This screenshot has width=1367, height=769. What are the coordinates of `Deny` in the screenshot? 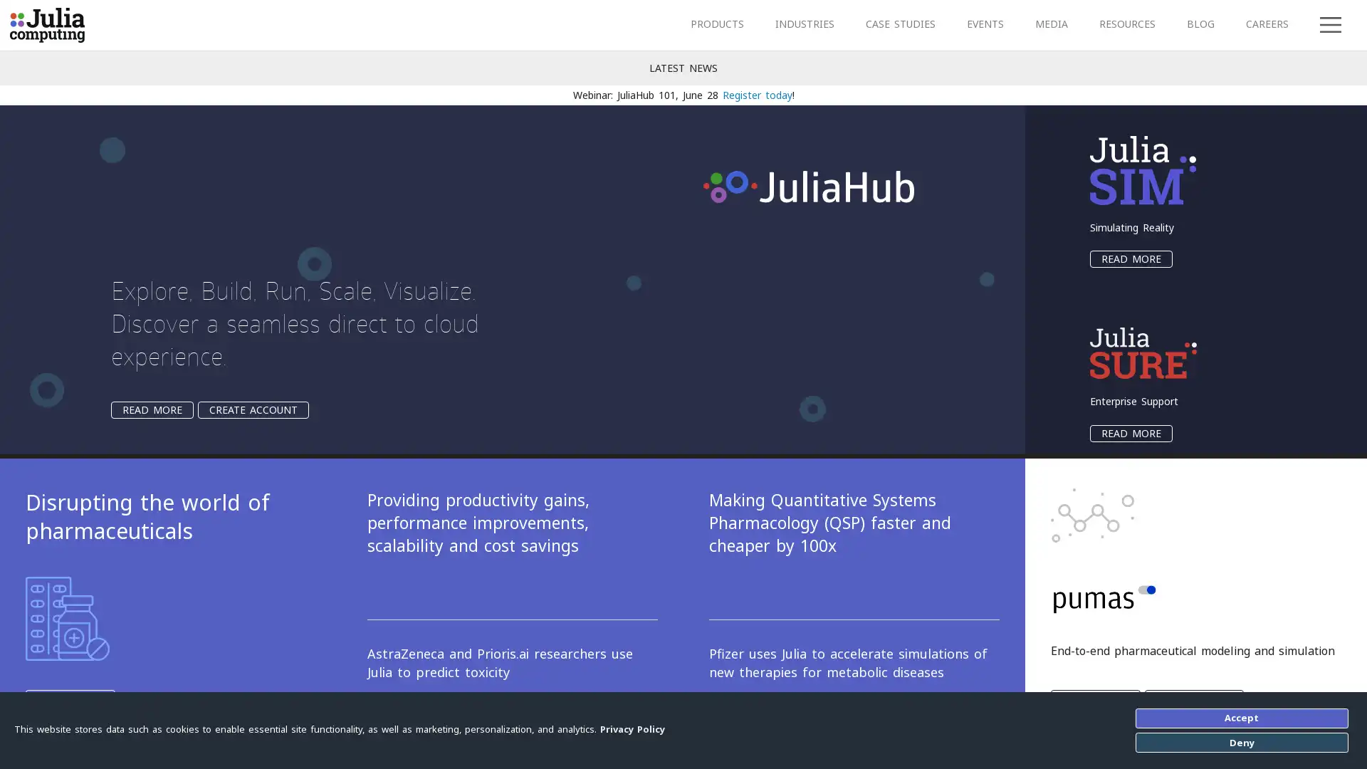 It's located at (1240, 741).